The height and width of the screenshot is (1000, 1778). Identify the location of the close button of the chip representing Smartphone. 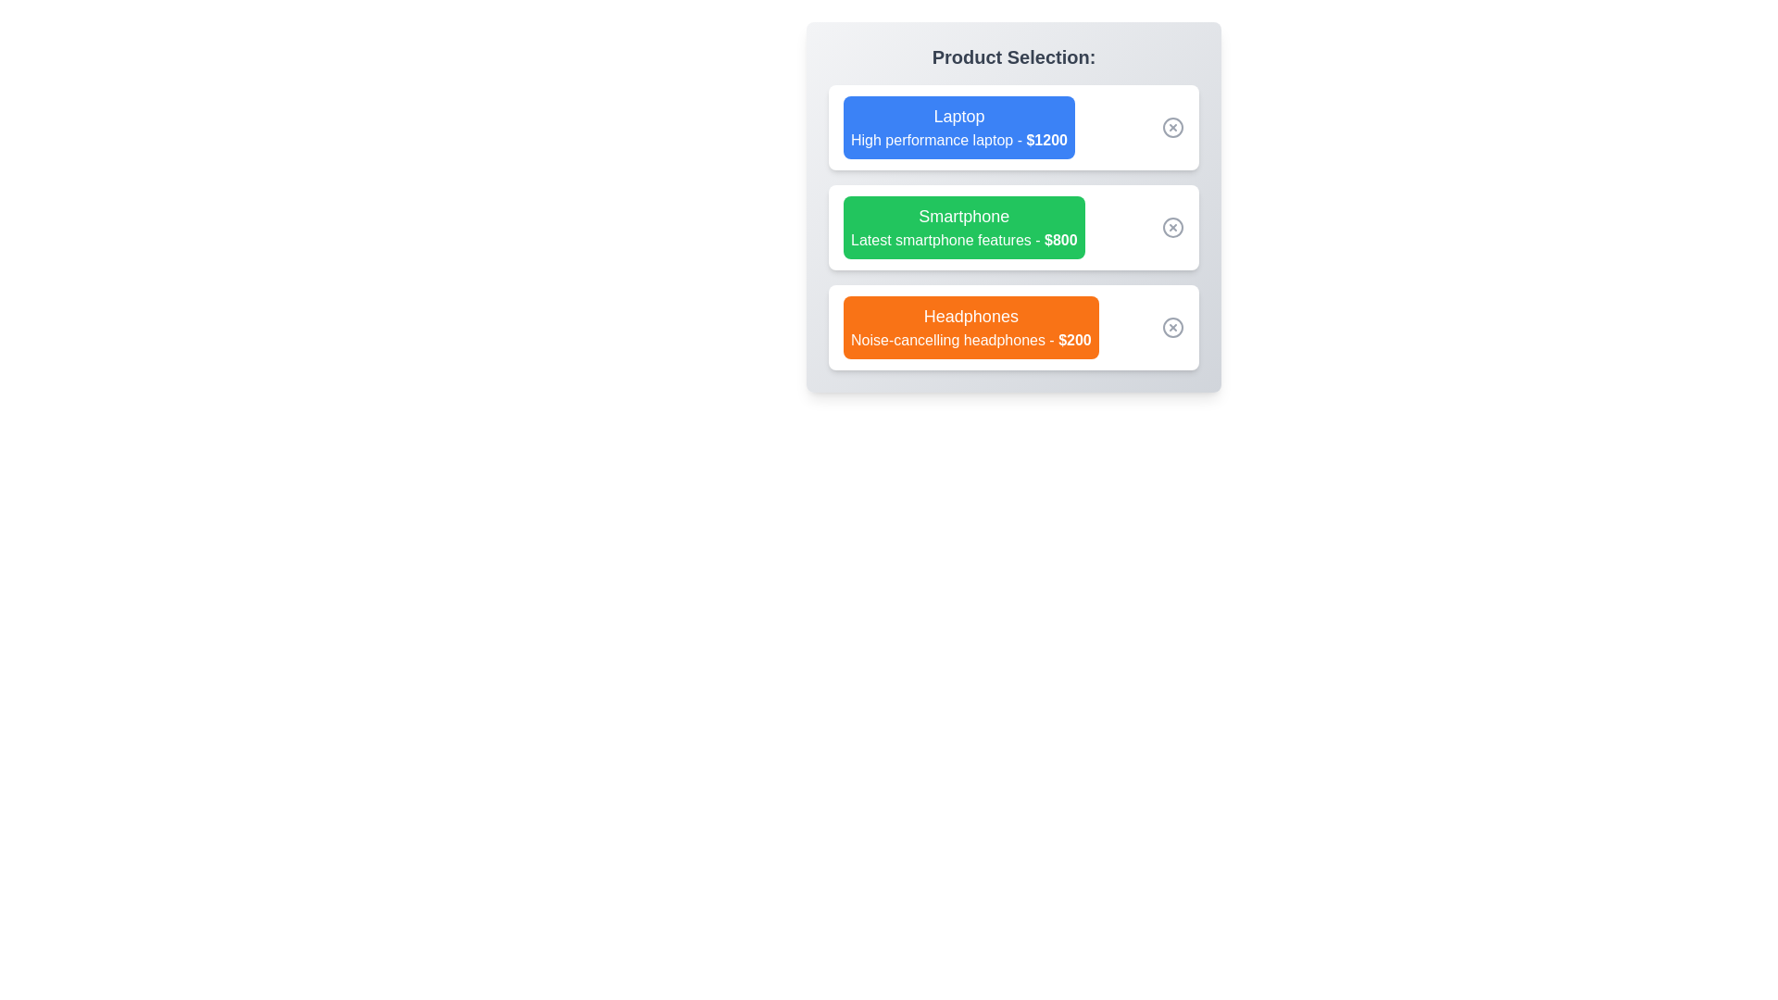
(1172, 227).